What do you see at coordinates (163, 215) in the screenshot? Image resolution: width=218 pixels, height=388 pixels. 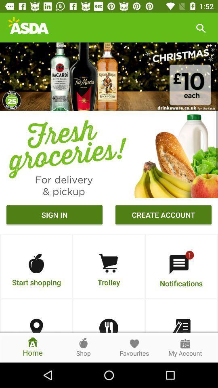 I see `the button which is right to sign in button` at bounding box center [163, 215].